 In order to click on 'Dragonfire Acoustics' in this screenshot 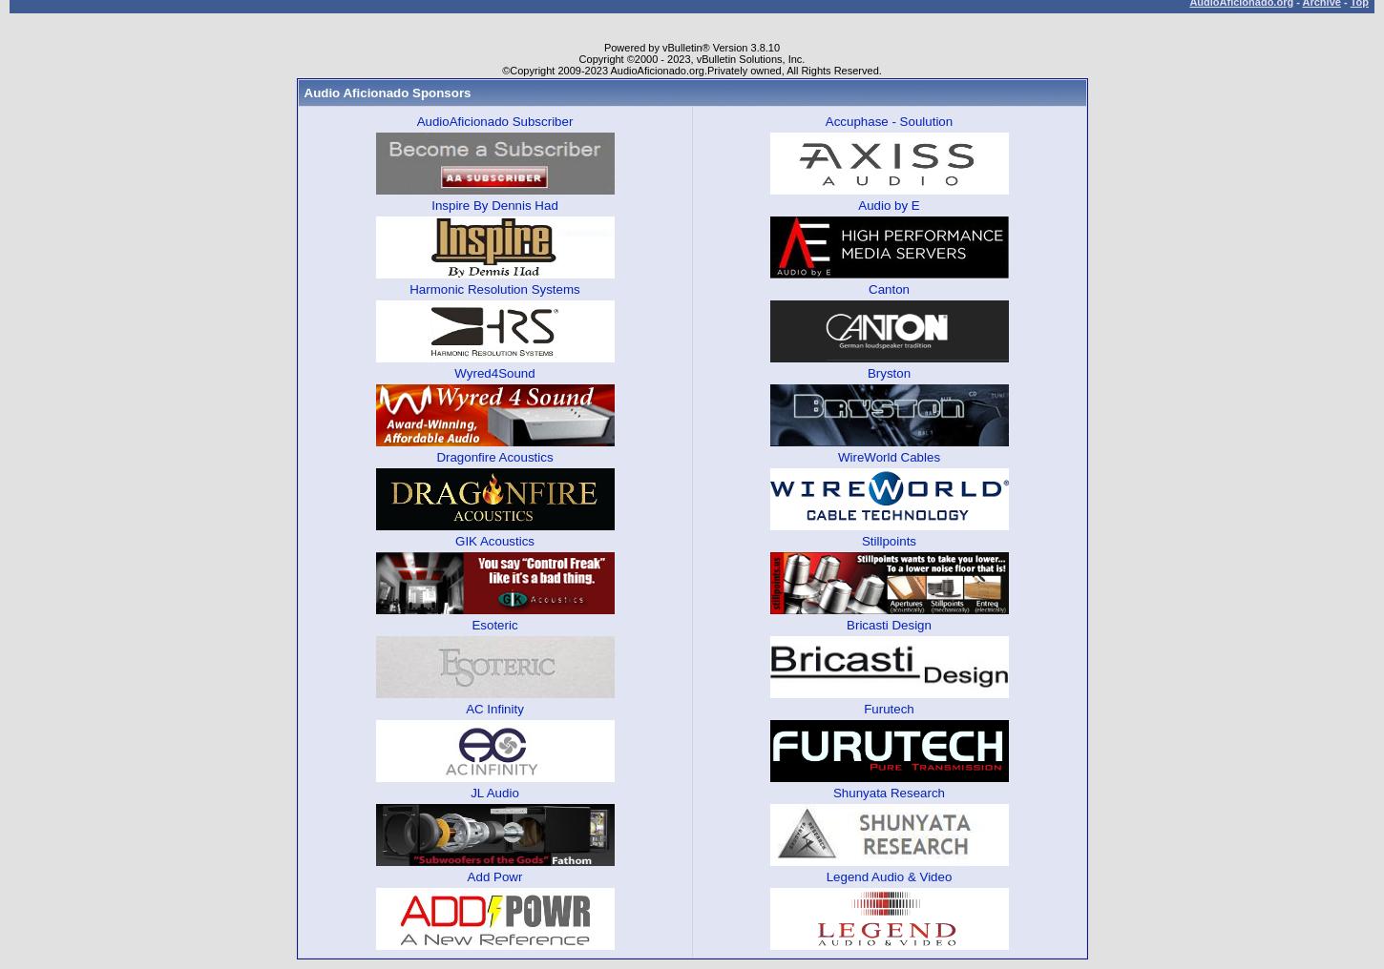, I will do `click(493, 456)`.